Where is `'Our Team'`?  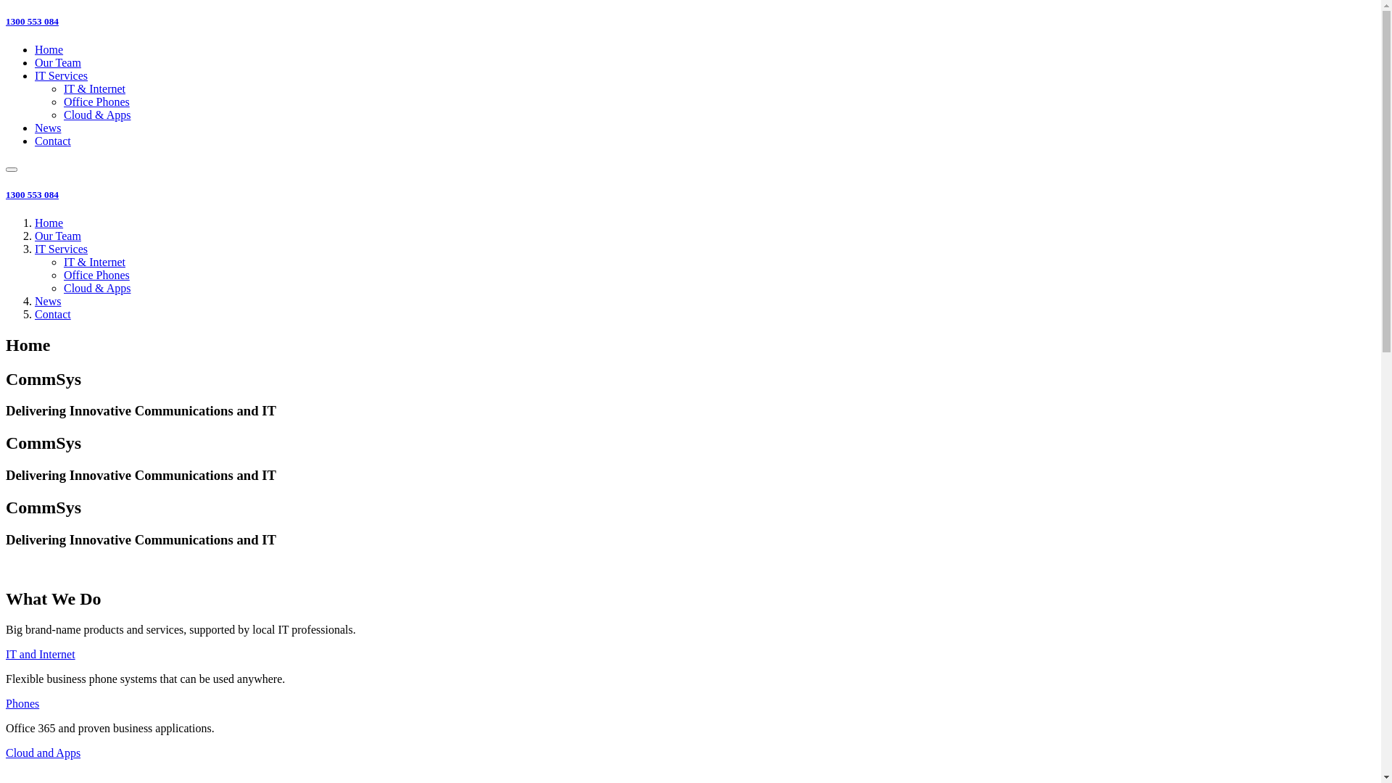 'Our Team' is located at coordinates (35, 62).